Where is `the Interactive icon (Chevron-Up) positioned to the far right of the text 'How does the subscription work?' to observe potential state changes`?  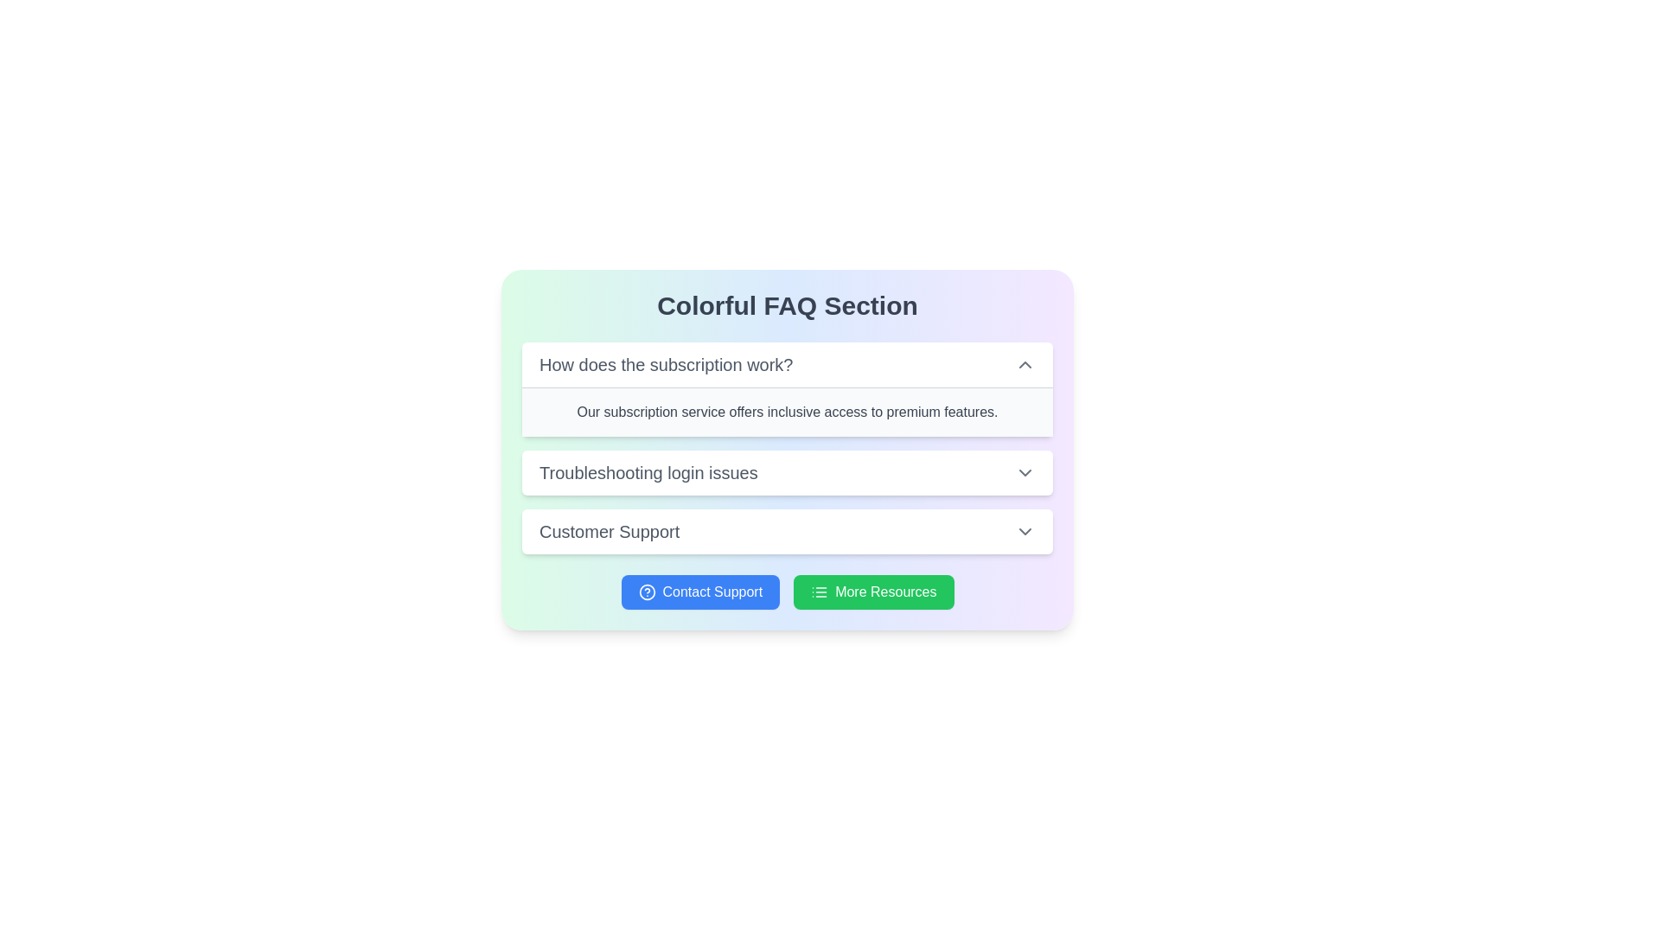 the Interactive icon (Chevron-Up) positioned to the far right of the text 'How does the subscription work?' to observe potential state changes is located at coordinates (1025, 363).